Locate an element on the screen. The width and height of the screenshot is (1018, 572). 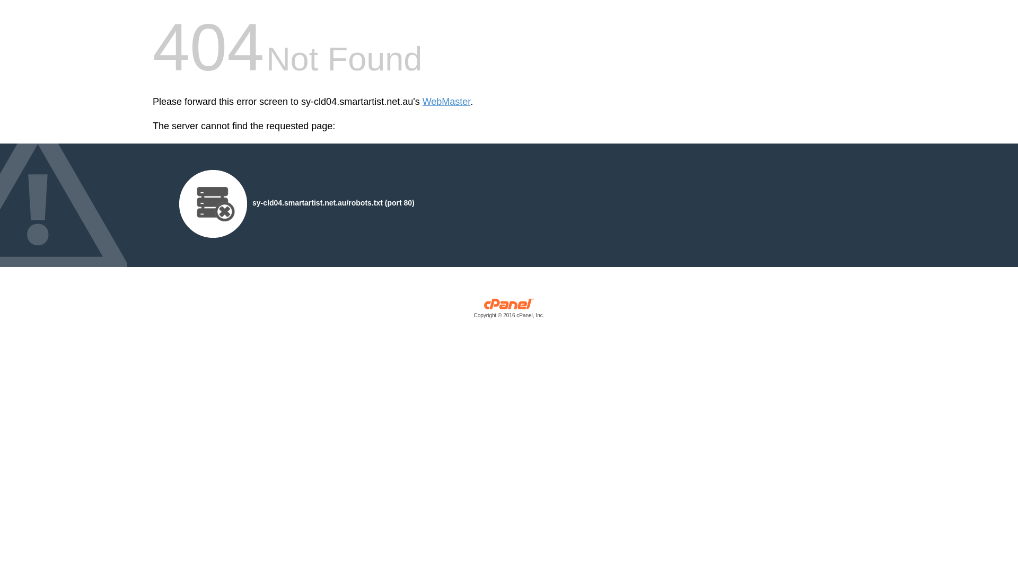
'WebMaster' is located at coordinates (422, 102).